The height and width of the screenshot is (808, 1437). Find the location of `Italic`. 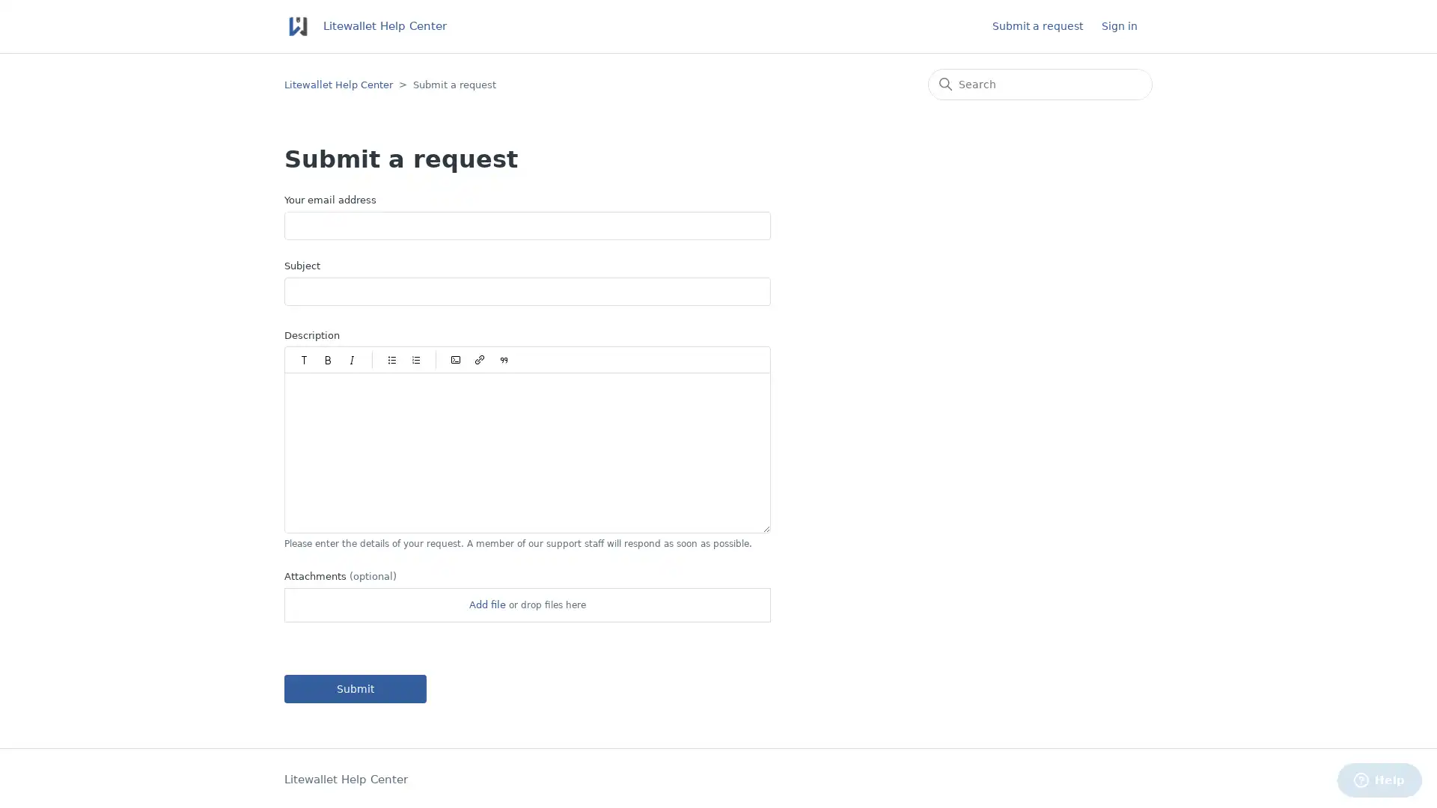

Italic is located at coordinates (351, 360).